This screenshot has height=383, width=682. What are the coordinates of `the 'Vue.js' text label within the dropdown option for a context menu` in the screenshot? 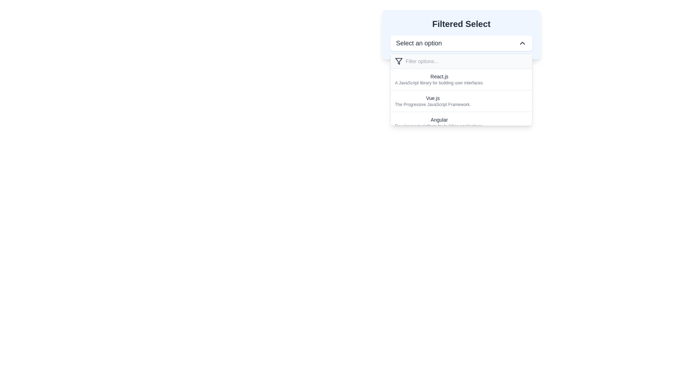 It's located at (432, 98).